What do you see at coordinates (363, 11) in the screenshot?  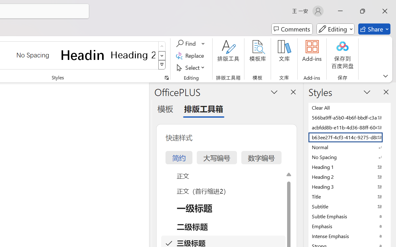 I see `'Restore Down'` at bounding box center [363, 11].